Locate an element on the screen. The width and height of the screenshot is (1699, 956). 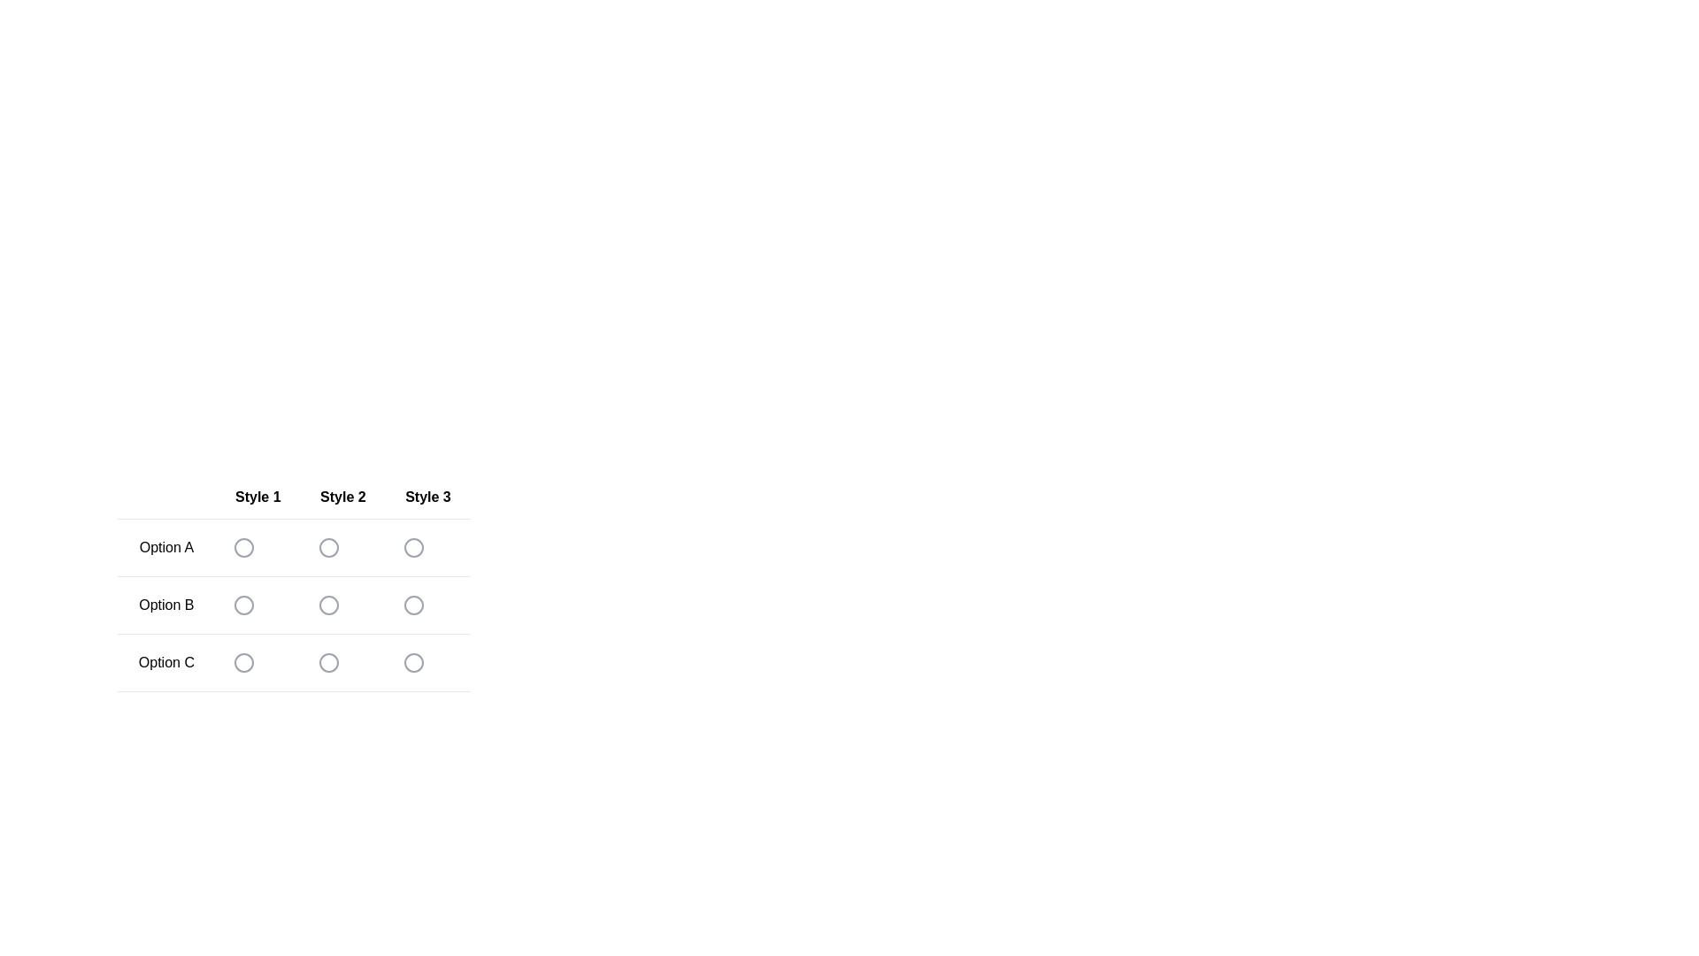
the radio button styled as 'Style 3' under 'Option A' is located at coordinates (428, 546).